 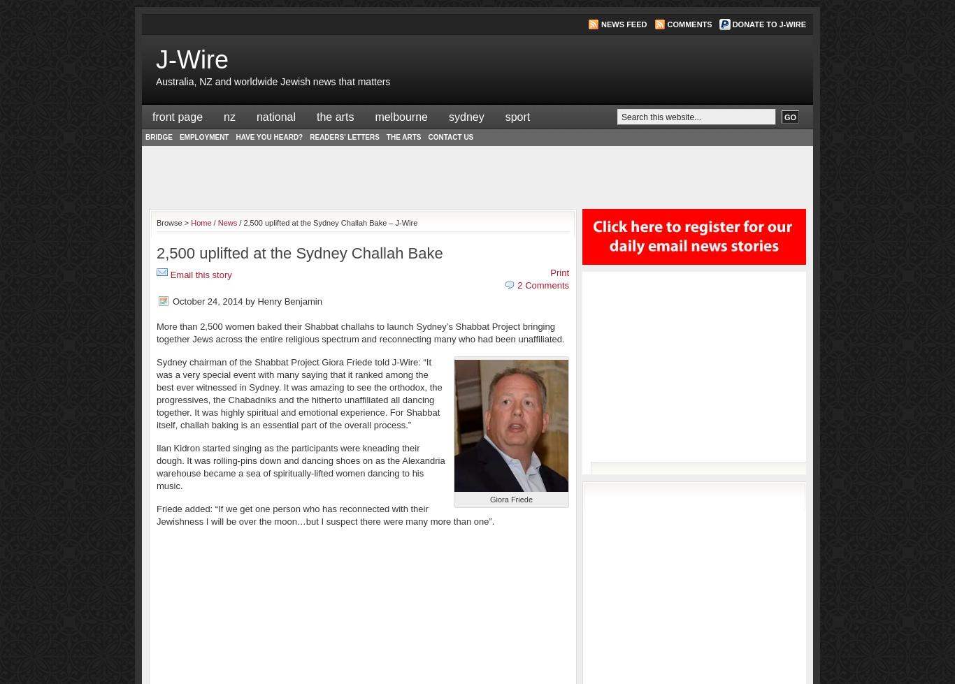 What do you see at coordinates (299, 253) in the screenshot?
I see `'2,500 uplifted at the Sydney Challah Bake'` at bounding box center [299, 253].